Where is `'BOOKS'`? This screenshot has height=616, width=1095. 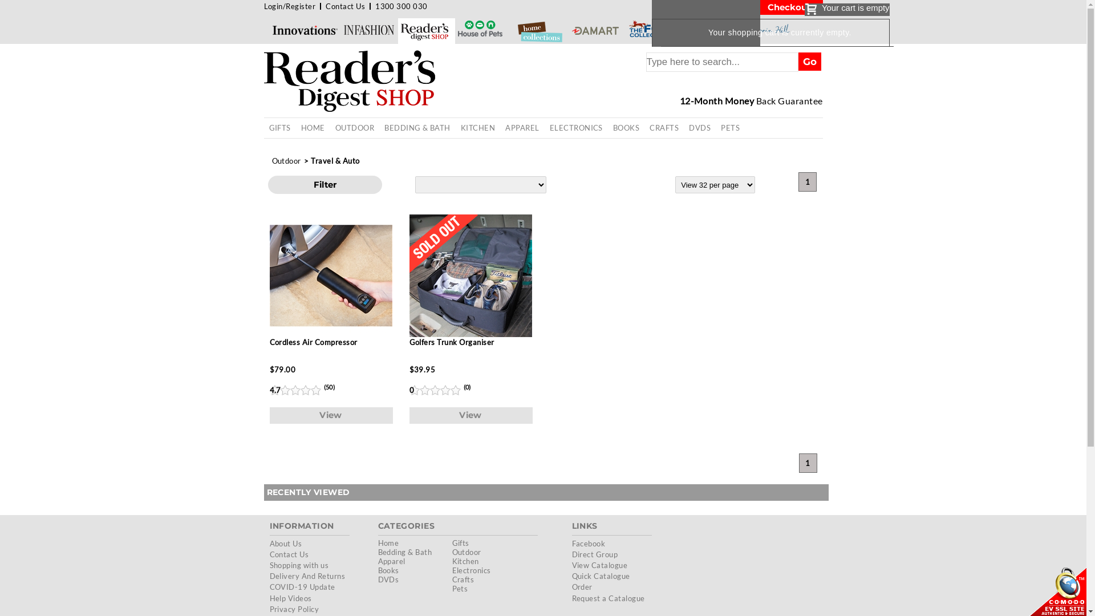
'BOOKS' is located at coordinates (626, 128).